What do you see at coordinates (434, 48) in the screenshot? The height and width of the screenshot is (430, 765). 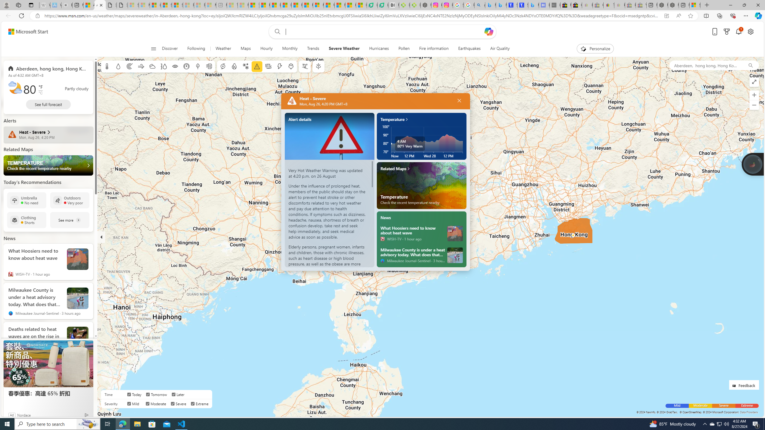 I see `'Fire information'` at bounding box center [434, 48].